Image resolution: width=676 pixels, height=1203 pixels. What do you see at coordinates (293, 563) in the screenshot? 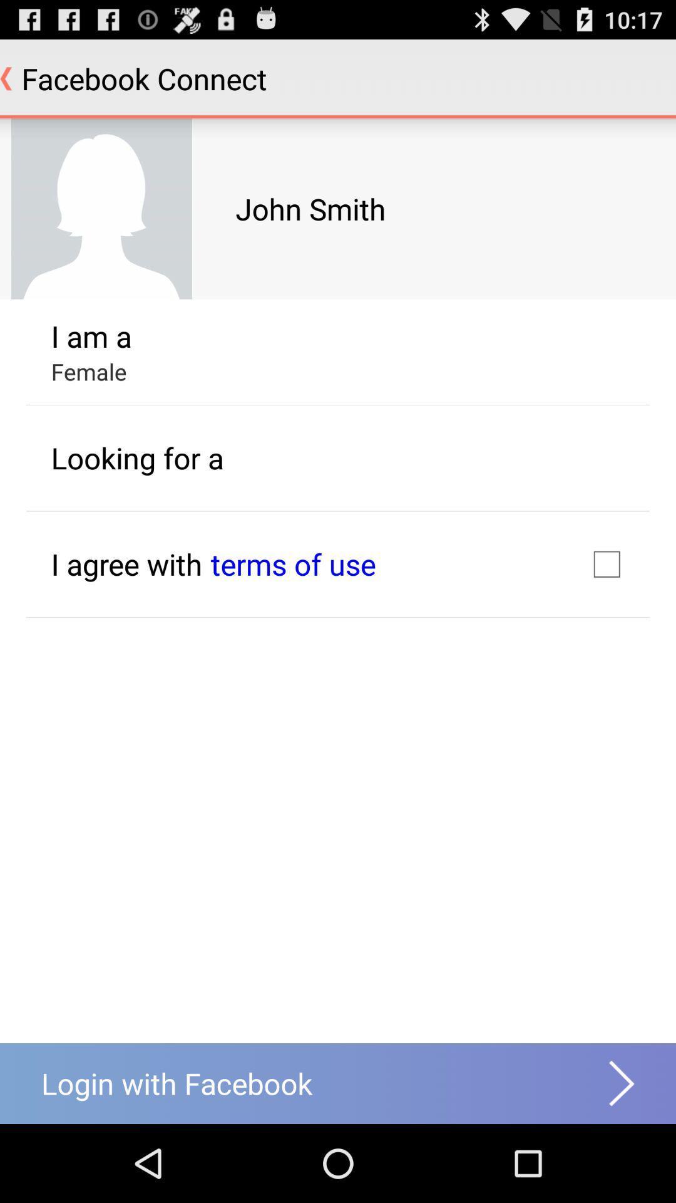
I see `icon below the looking for a icon` at bounding box center [293, 563].